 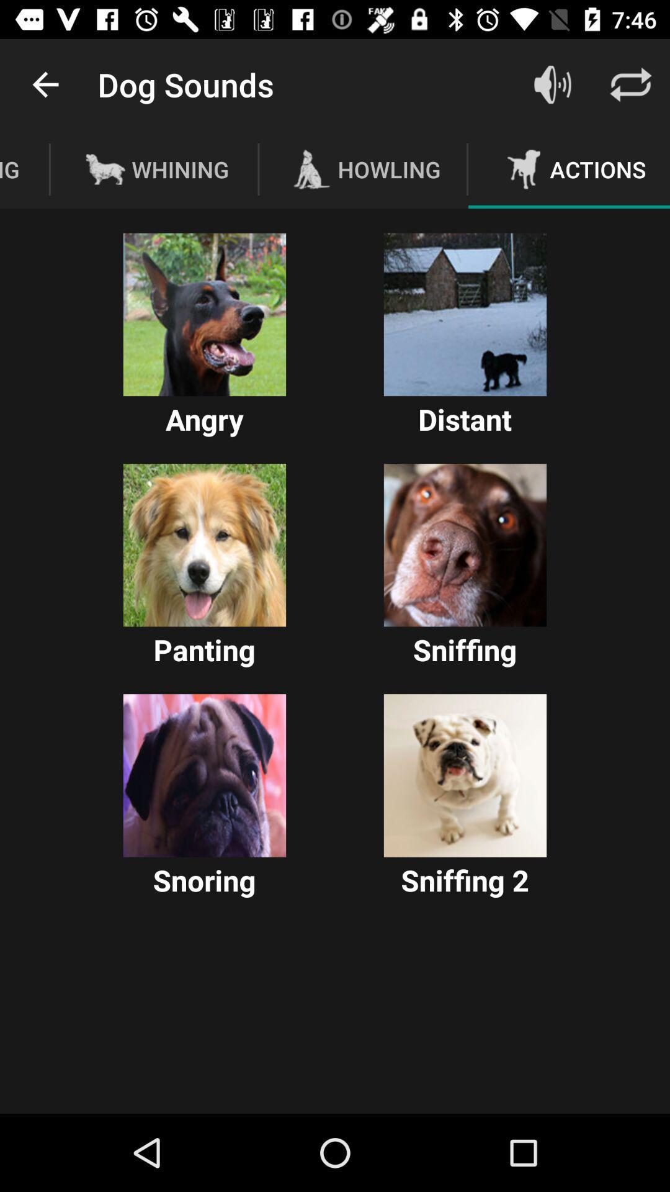 What do you see at coordinates (45, 84) in the screenshot?
I see `the icon to the left of the dog sounds icon` at bounding box center [45, 84].